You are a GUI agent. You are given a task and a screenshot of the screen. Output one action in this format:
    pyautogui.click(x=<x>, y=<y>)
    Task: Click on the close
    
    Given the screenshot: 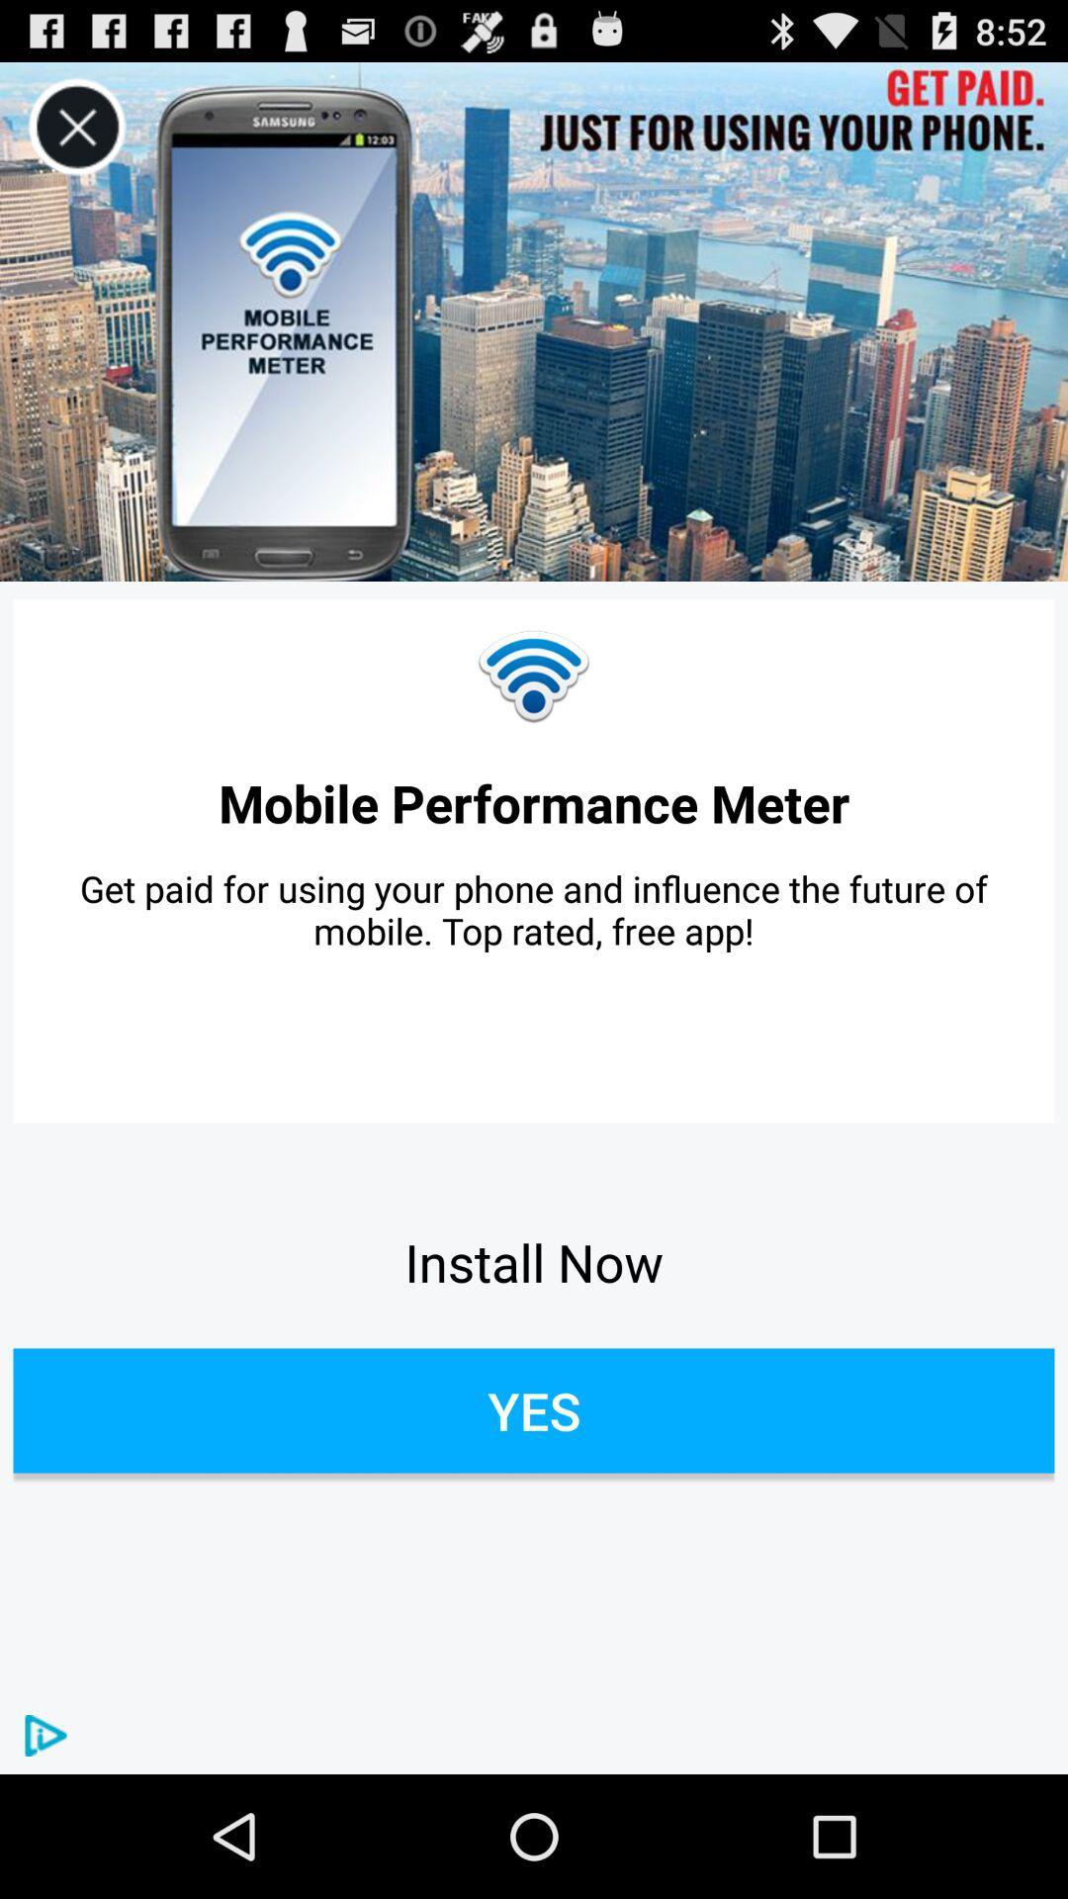 What is the action you would take?
    pyautogui.click(x=76, y=127)
    